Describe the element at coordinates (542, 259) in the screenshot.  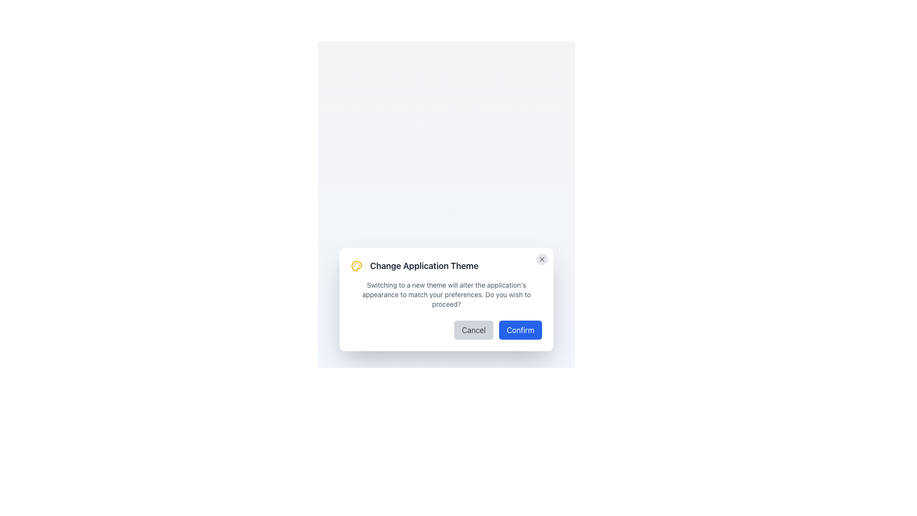
I see `the circular button located at the top-right corner of the modal dialog` at that location.